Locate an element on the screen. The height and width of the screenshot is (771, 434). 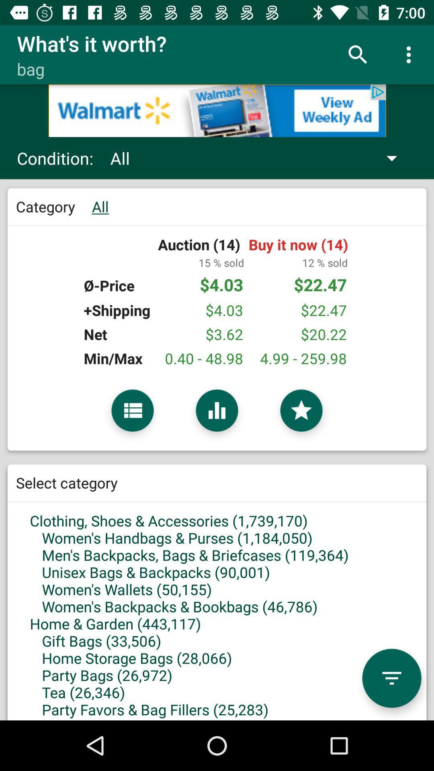
the button for to details information is located at coordinates (132, 410).